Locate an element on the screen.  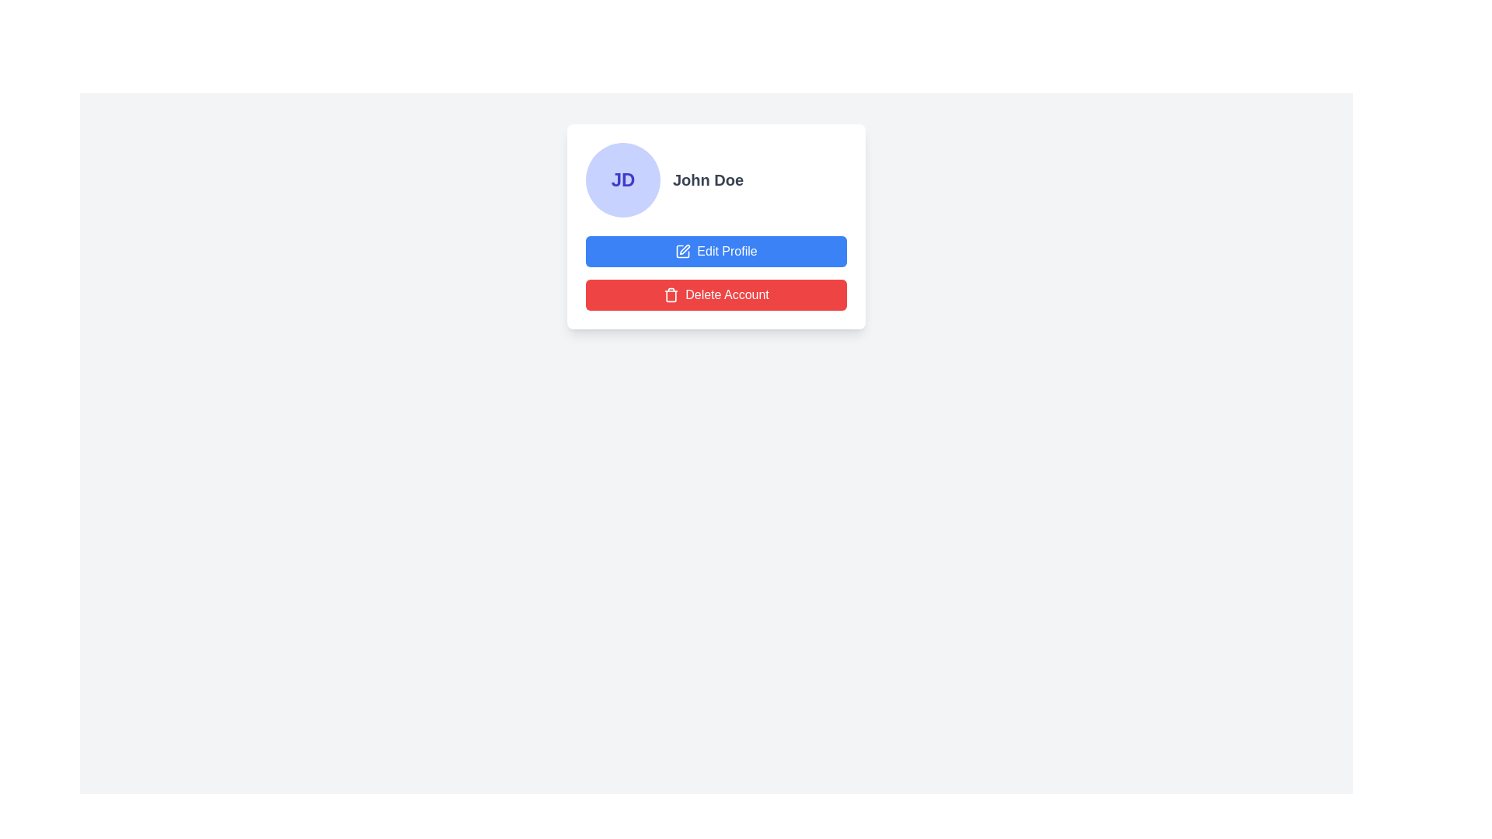
the graphical representation of the delete account icon, which is the leftmost part of the 'Delete Account' button positioned at the bottom of the user profile card is located at coordinates (671, 295).